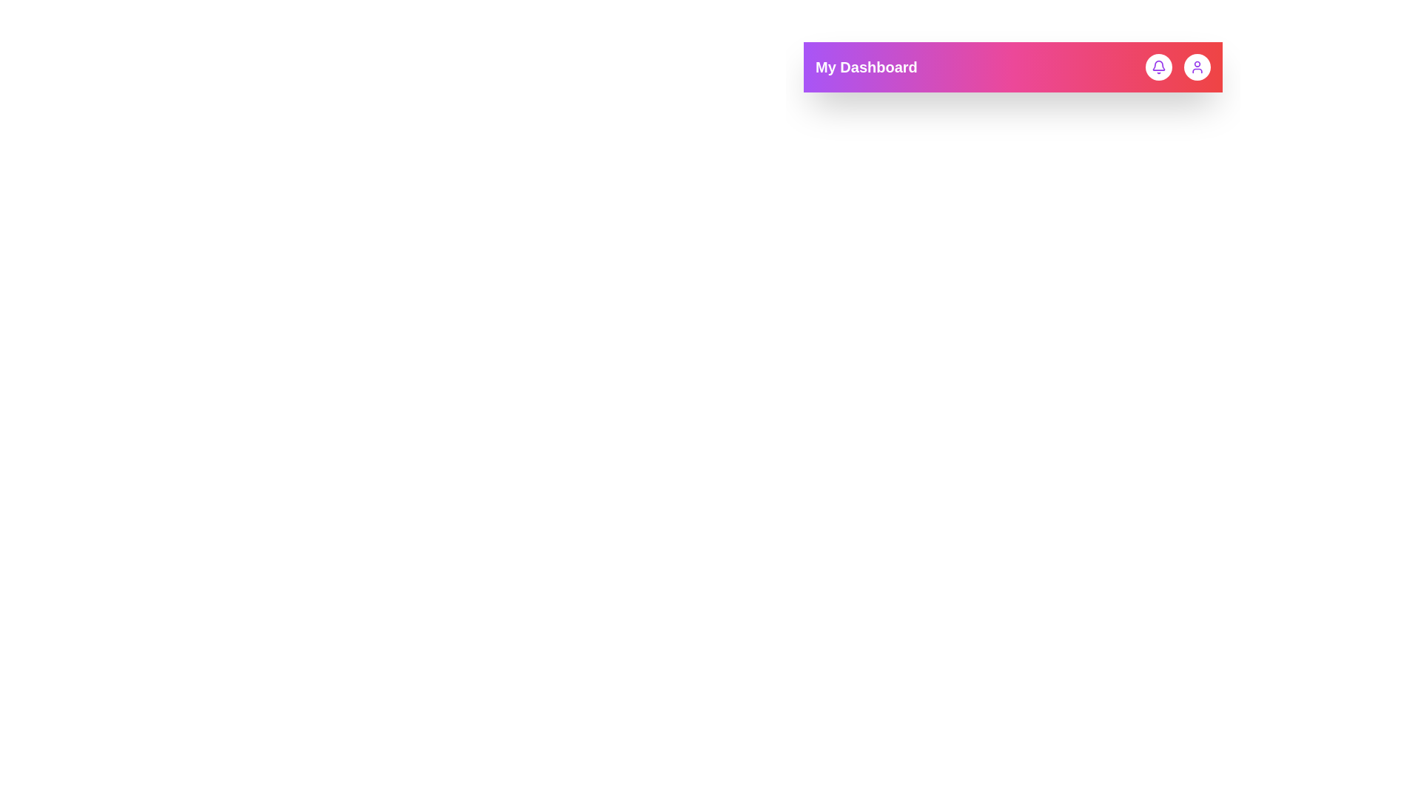 Image resolution: width=1421 pixels, height=799 pixels. Describe the element at coordinates (1197, 67) in the screenshot. I see `the user profile button located at the top-right corner of the app bar` at that location.